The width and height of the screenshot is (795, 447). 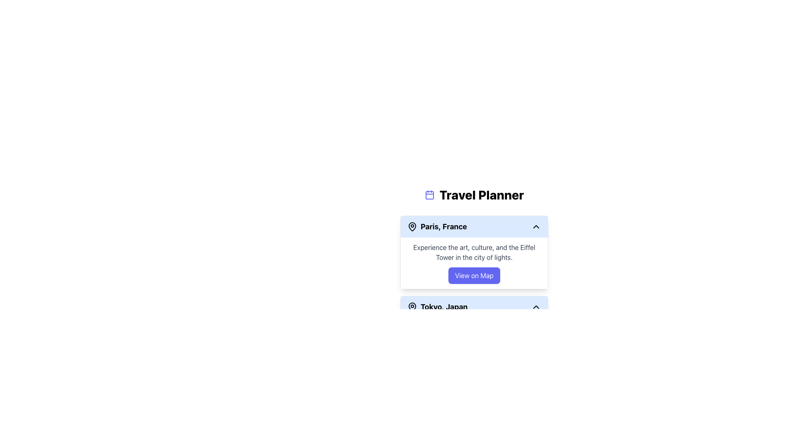 I want to click on the interactive list element for 'Tokyo, Japan', so click(x=474, y=307).